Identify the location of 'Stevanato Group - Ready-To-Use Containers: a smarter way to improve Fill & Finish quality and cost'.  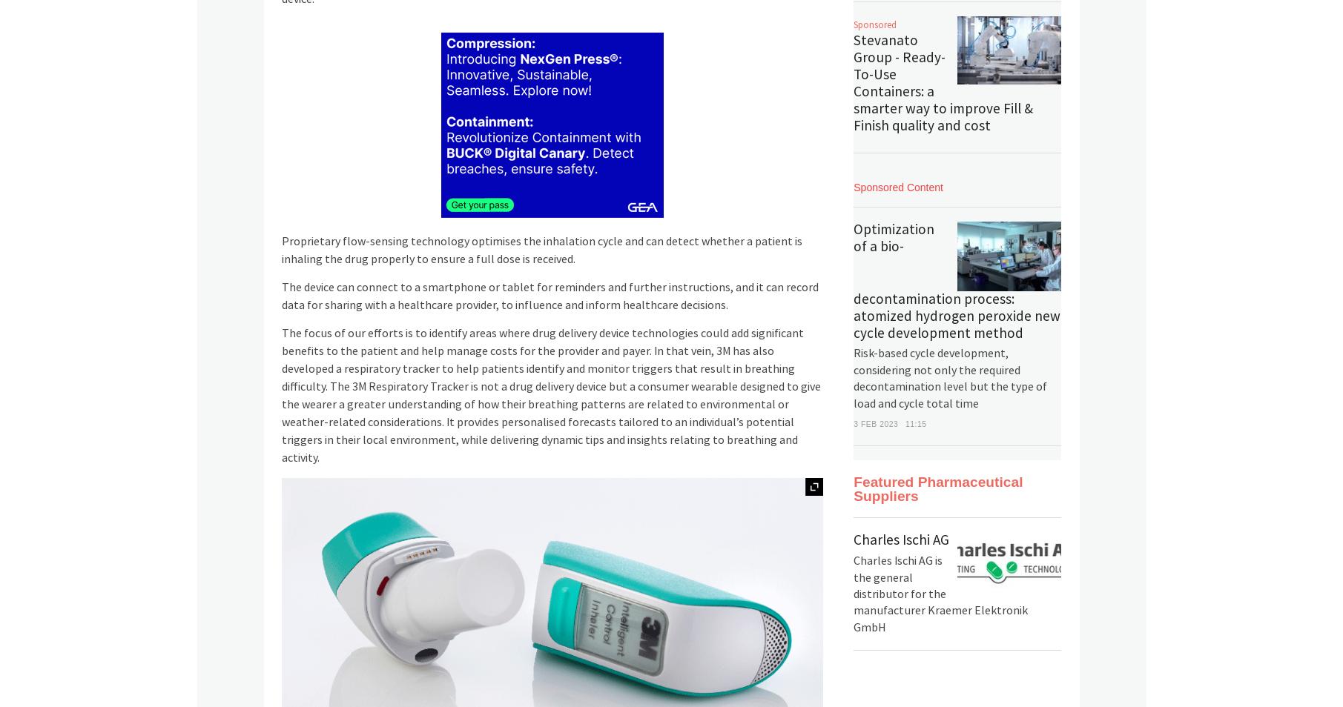
(943, 82).